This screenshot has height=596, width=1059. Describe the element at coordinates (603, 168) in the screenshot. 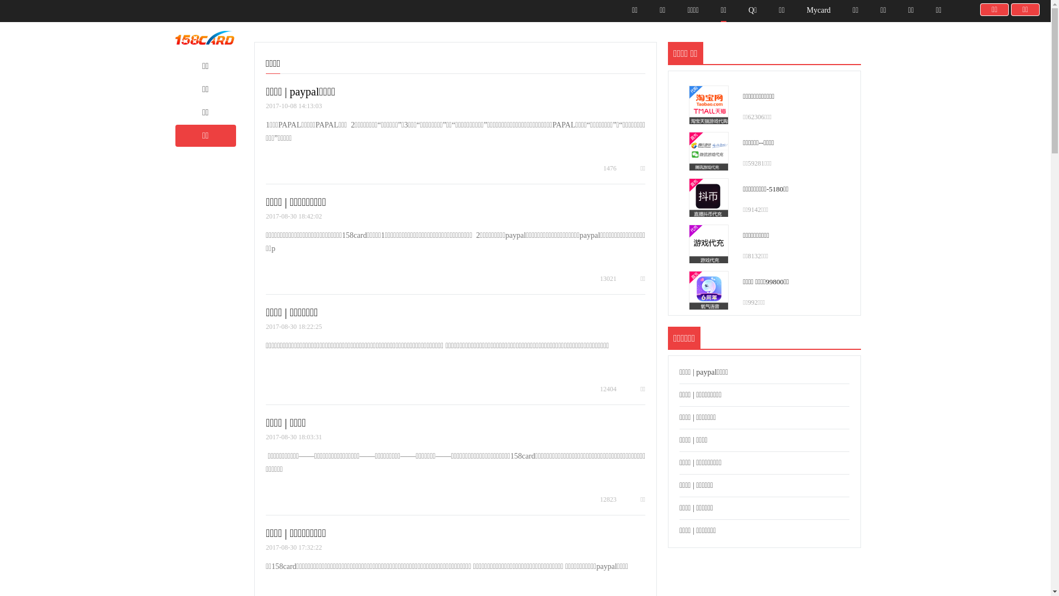

I see `'1476'` at that location.